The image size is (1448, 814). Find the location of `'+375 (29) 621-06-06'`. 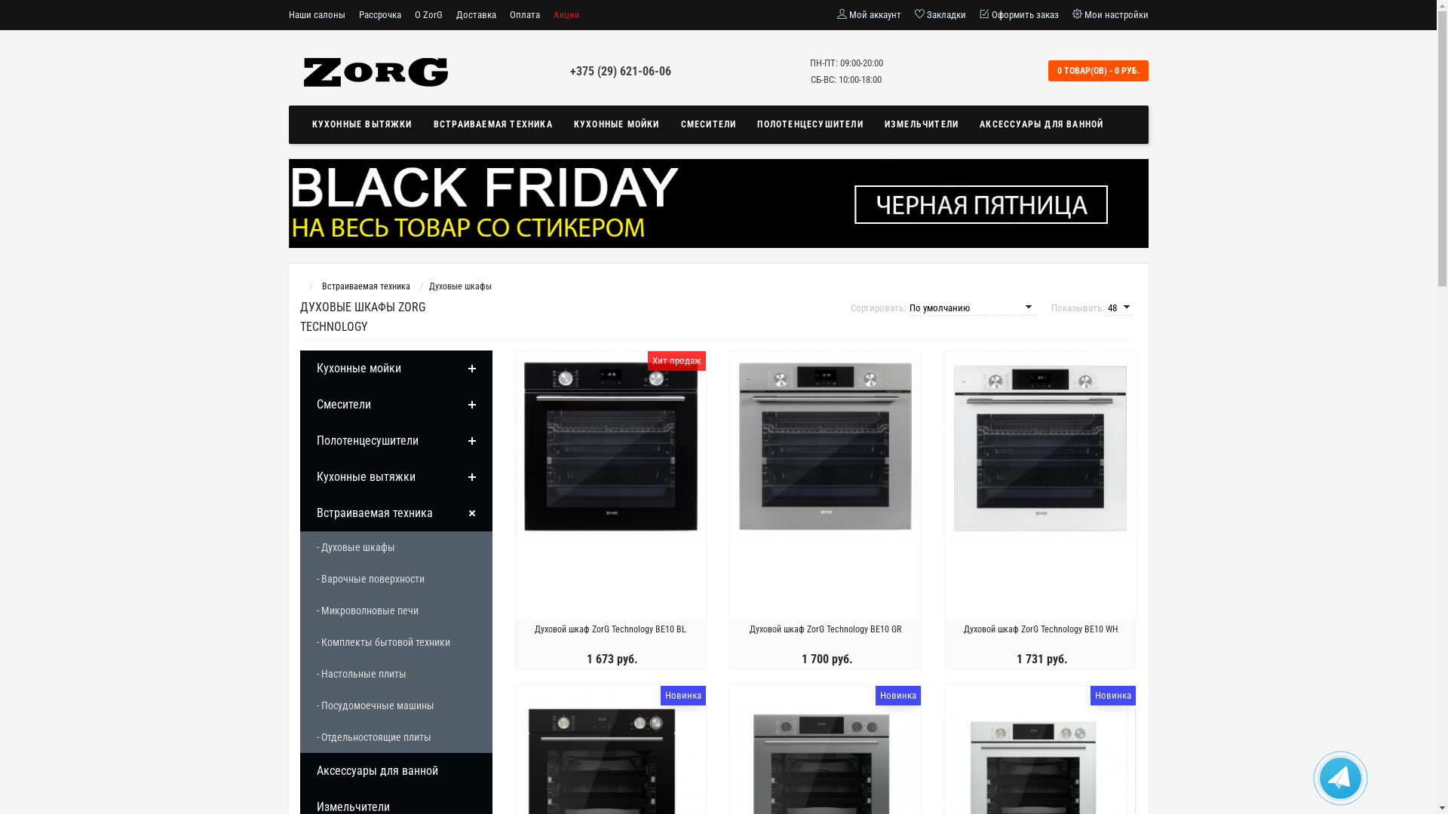

'+375 (29) 621-06-06' is located at coordinates (620, 71).